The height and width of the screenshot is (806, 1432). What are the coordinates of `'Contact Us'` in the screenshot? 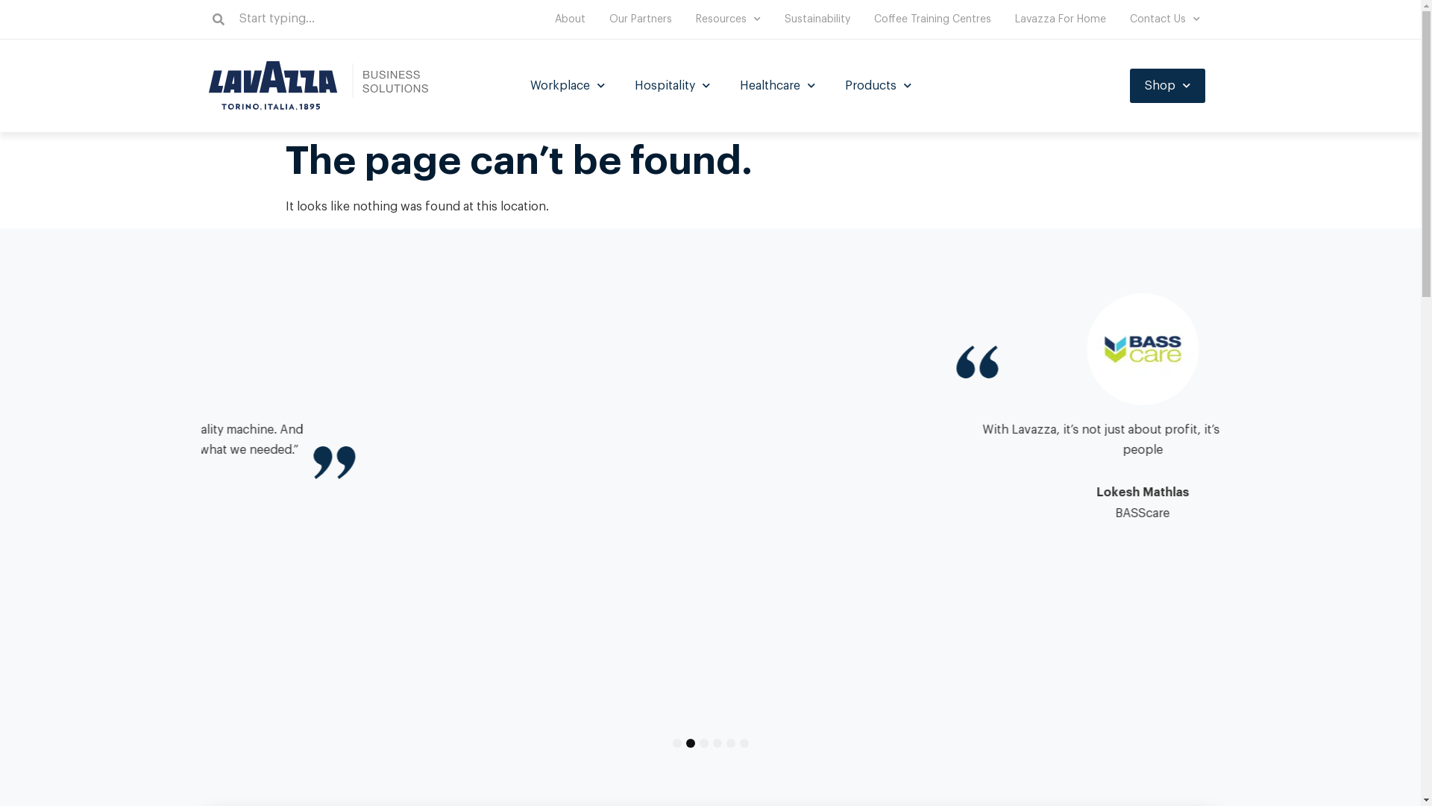 It's located at (1117, 19).